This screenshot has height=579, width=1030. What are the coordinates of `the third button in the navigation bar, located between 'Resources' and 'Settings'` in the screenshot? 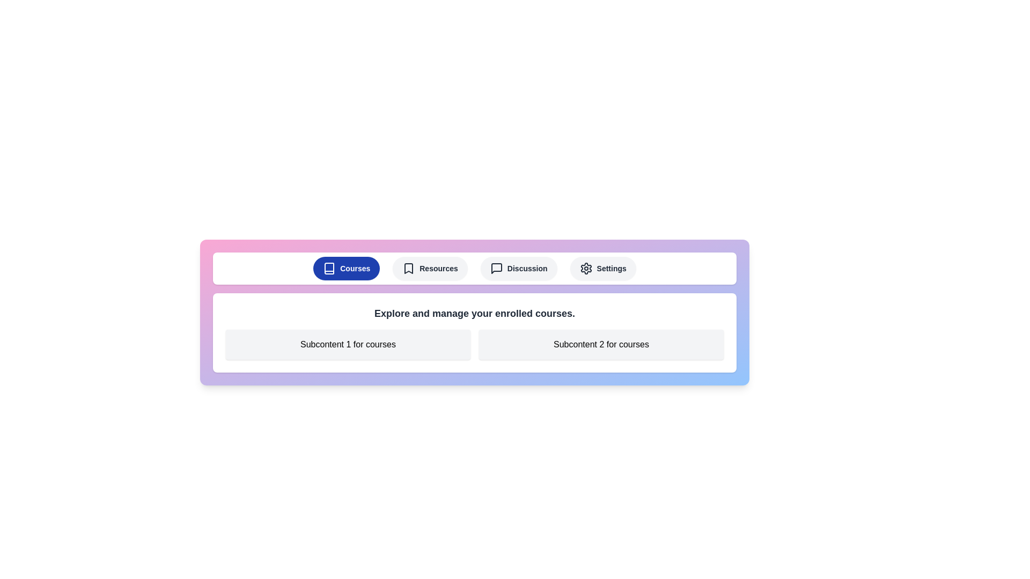 It's located at (519, 268).